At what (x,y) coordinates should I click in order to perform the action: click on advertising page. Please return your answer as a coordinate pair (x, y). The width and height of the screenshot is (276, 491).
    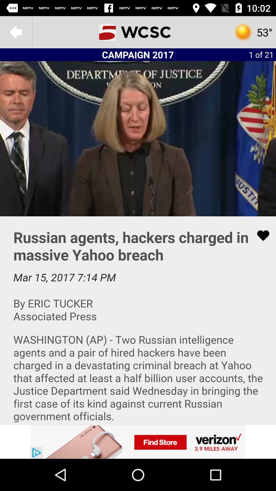
    Looking at the image, I should click on (138, 442).